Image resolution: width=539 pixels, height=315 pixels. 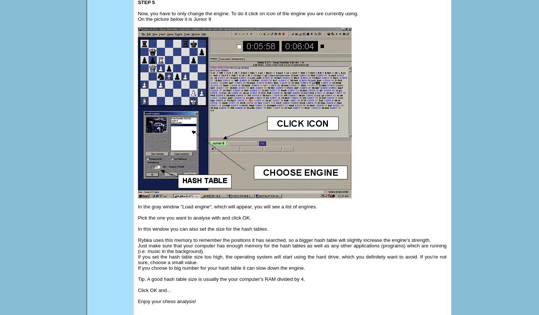 I want to click on 'If you choose to big number for your hash table it can slow down the engine.', so click(x=221, y=268).